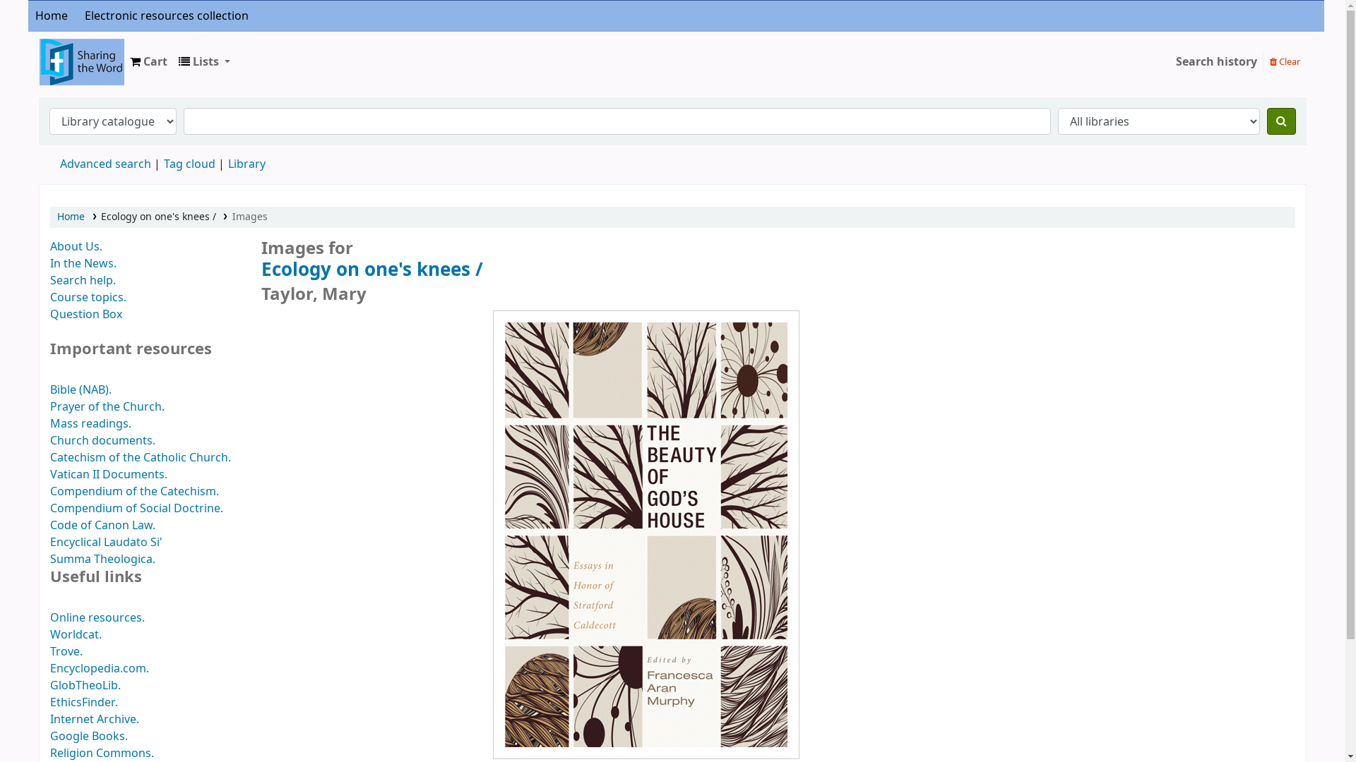  I want to click on 'Clear', so click(1285, 61).